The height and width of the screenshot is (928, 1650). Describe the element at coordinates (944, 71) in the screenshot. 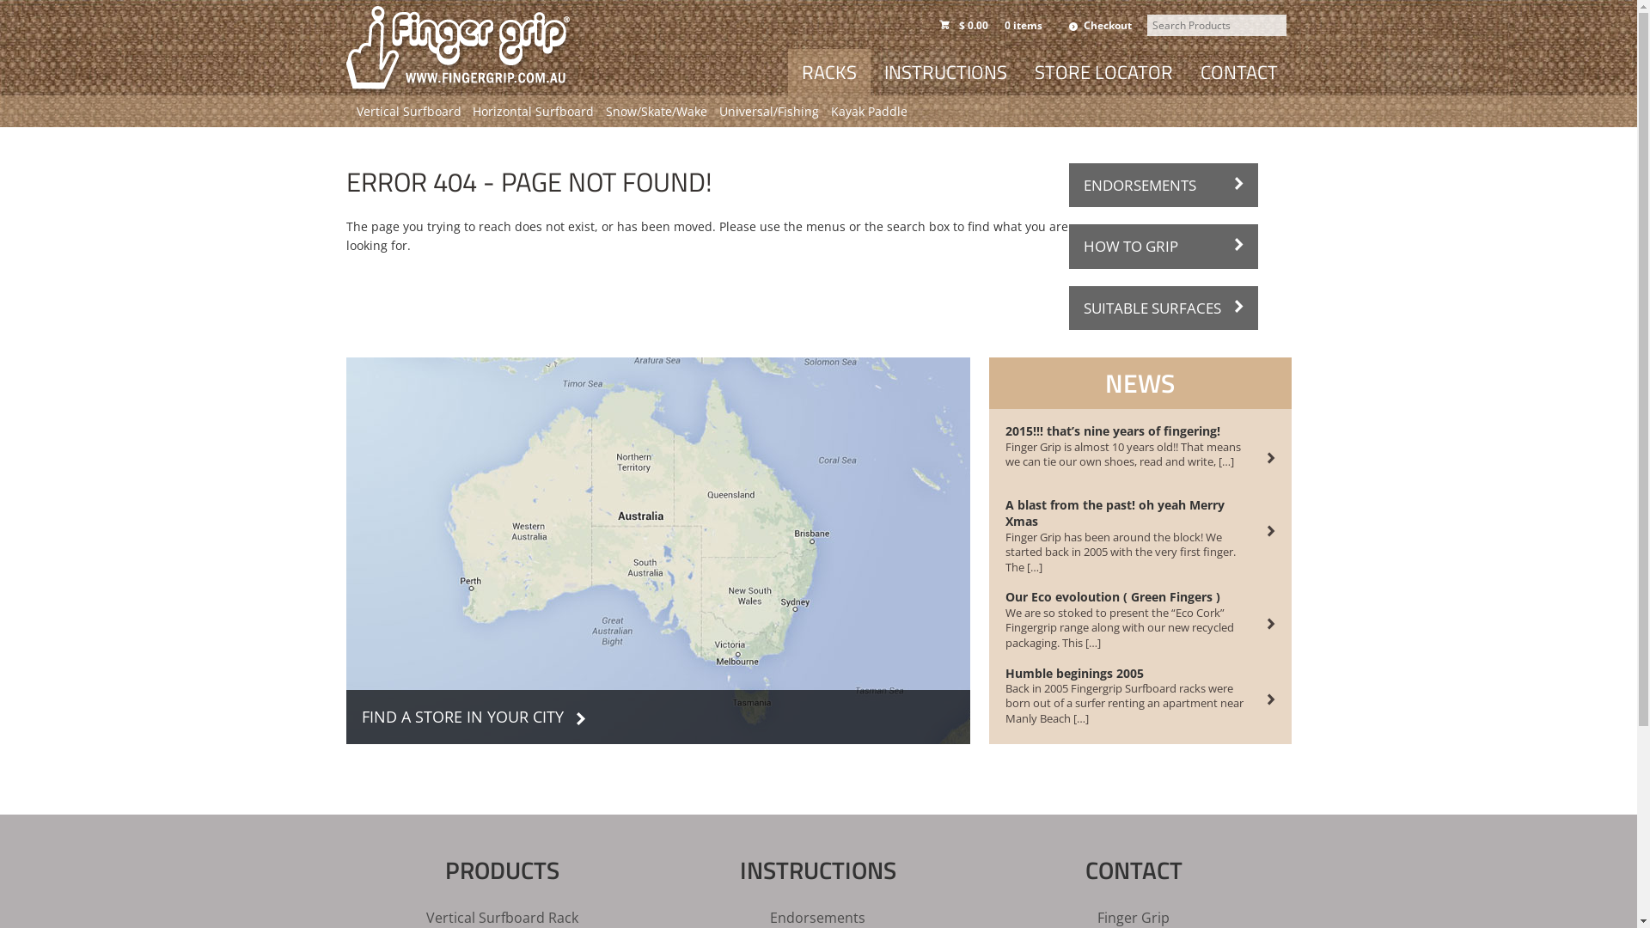

I see `'INSTRUCTIONS'` at that location.